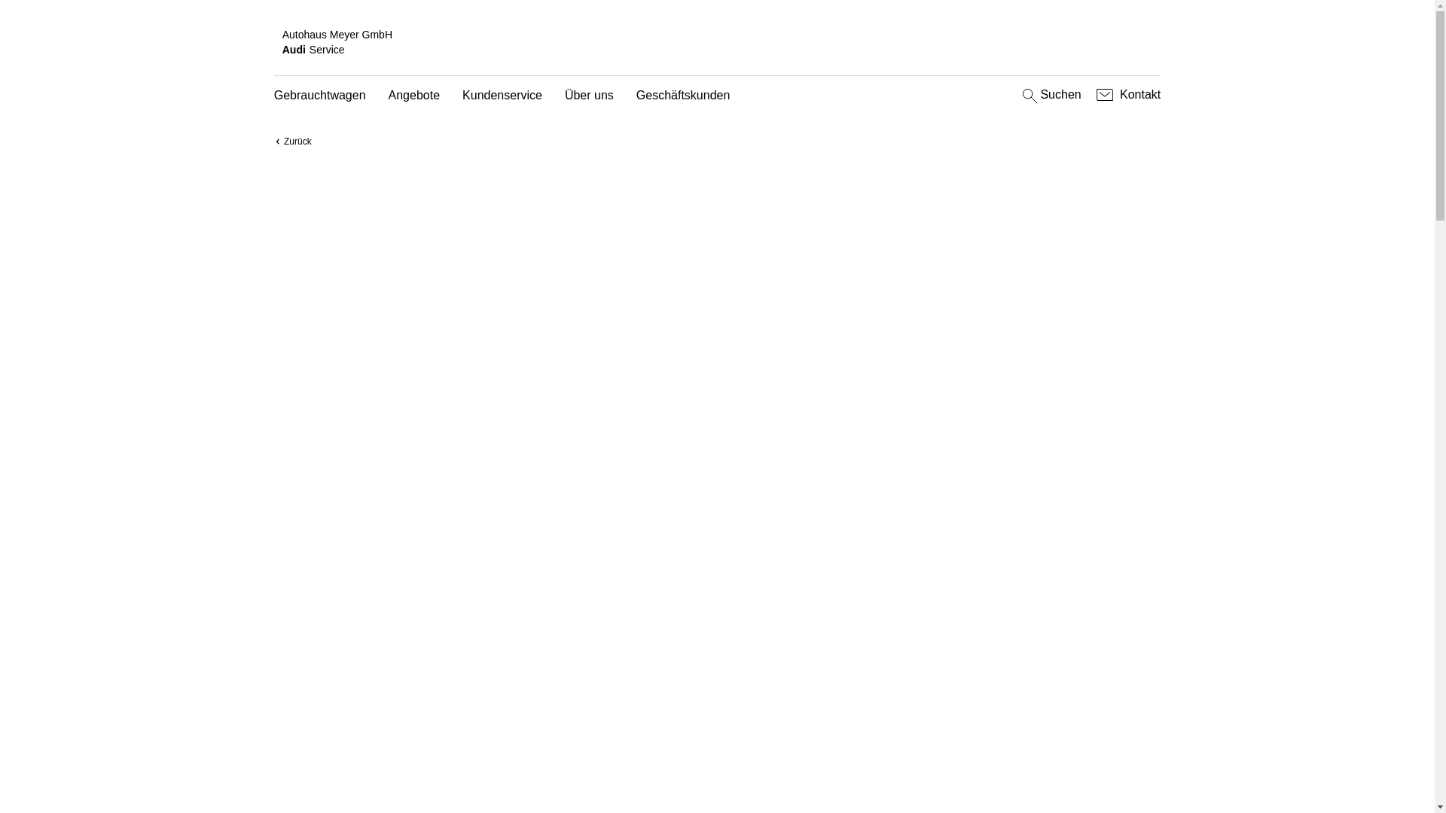  What do you see at coordinates (414, 96) in the screenshot?
I see `'Angebote'` at bounding box center [414, 96].